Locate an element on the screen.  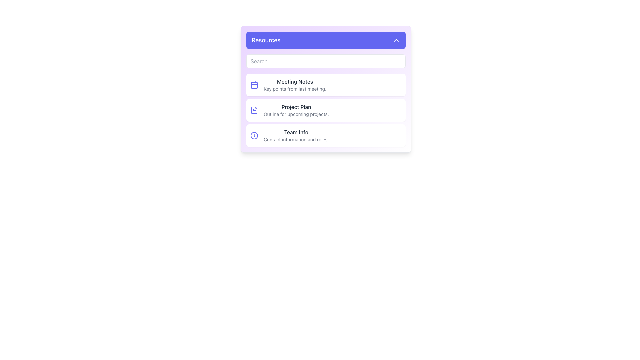
text displayed on the 'Resources' button, which is a bold white font on a purple background, located at the top-center of the user interface is located at coordinates (266, 40).